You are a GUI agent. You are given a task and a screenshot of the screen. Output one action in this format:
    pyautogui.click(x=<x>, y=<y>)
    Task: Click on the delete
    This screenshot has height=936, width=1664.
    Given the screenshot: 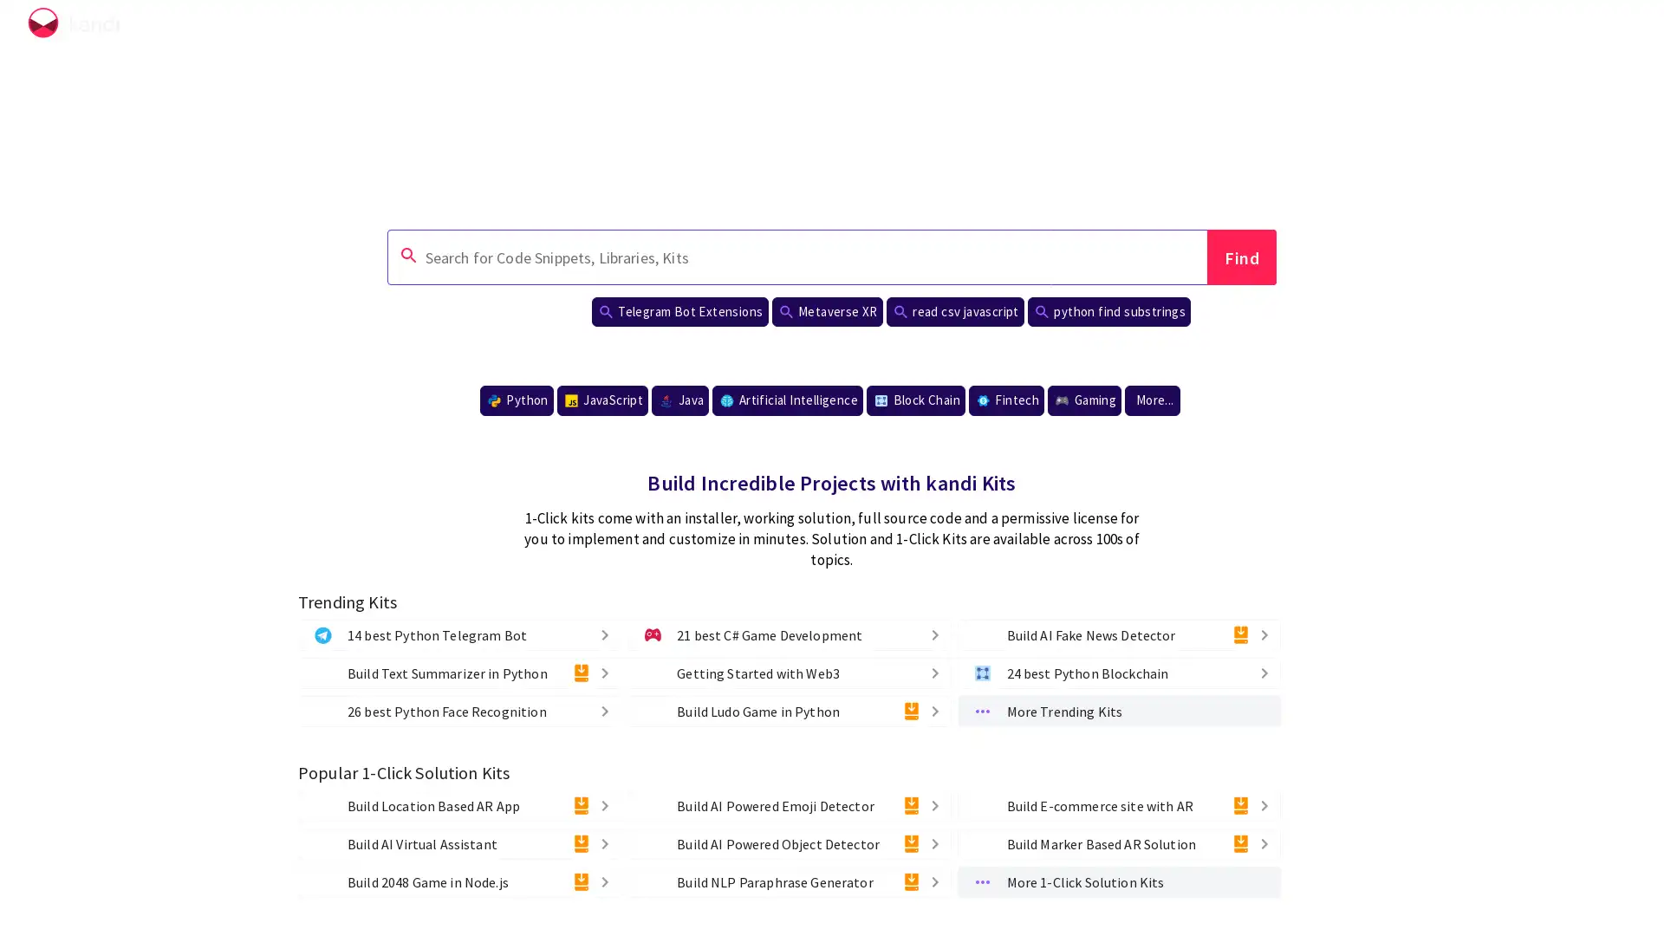 What is the action you would take?
    pyautogui.click(x=604, y=805)
    